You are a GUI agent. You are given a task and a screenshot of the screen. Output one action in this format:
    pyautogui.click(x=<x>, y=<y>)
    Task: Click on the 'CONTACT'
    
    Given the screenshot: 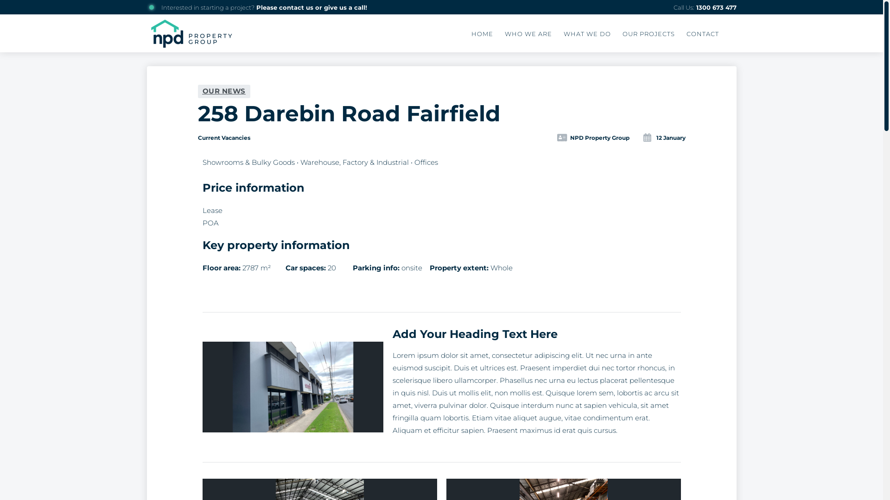 What is the action you would take?
    pyautogui.click(x=703, y=33)
    